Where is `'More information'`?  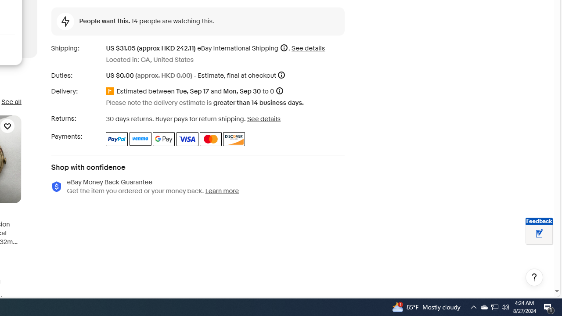
'More information' is located at coordinates (281, 75).